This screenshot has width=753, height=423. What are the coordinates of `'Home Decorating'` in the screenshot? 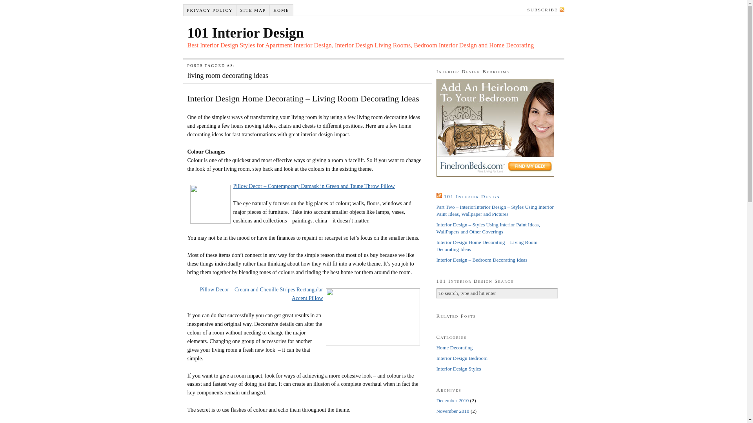 It's located at (436, 347).